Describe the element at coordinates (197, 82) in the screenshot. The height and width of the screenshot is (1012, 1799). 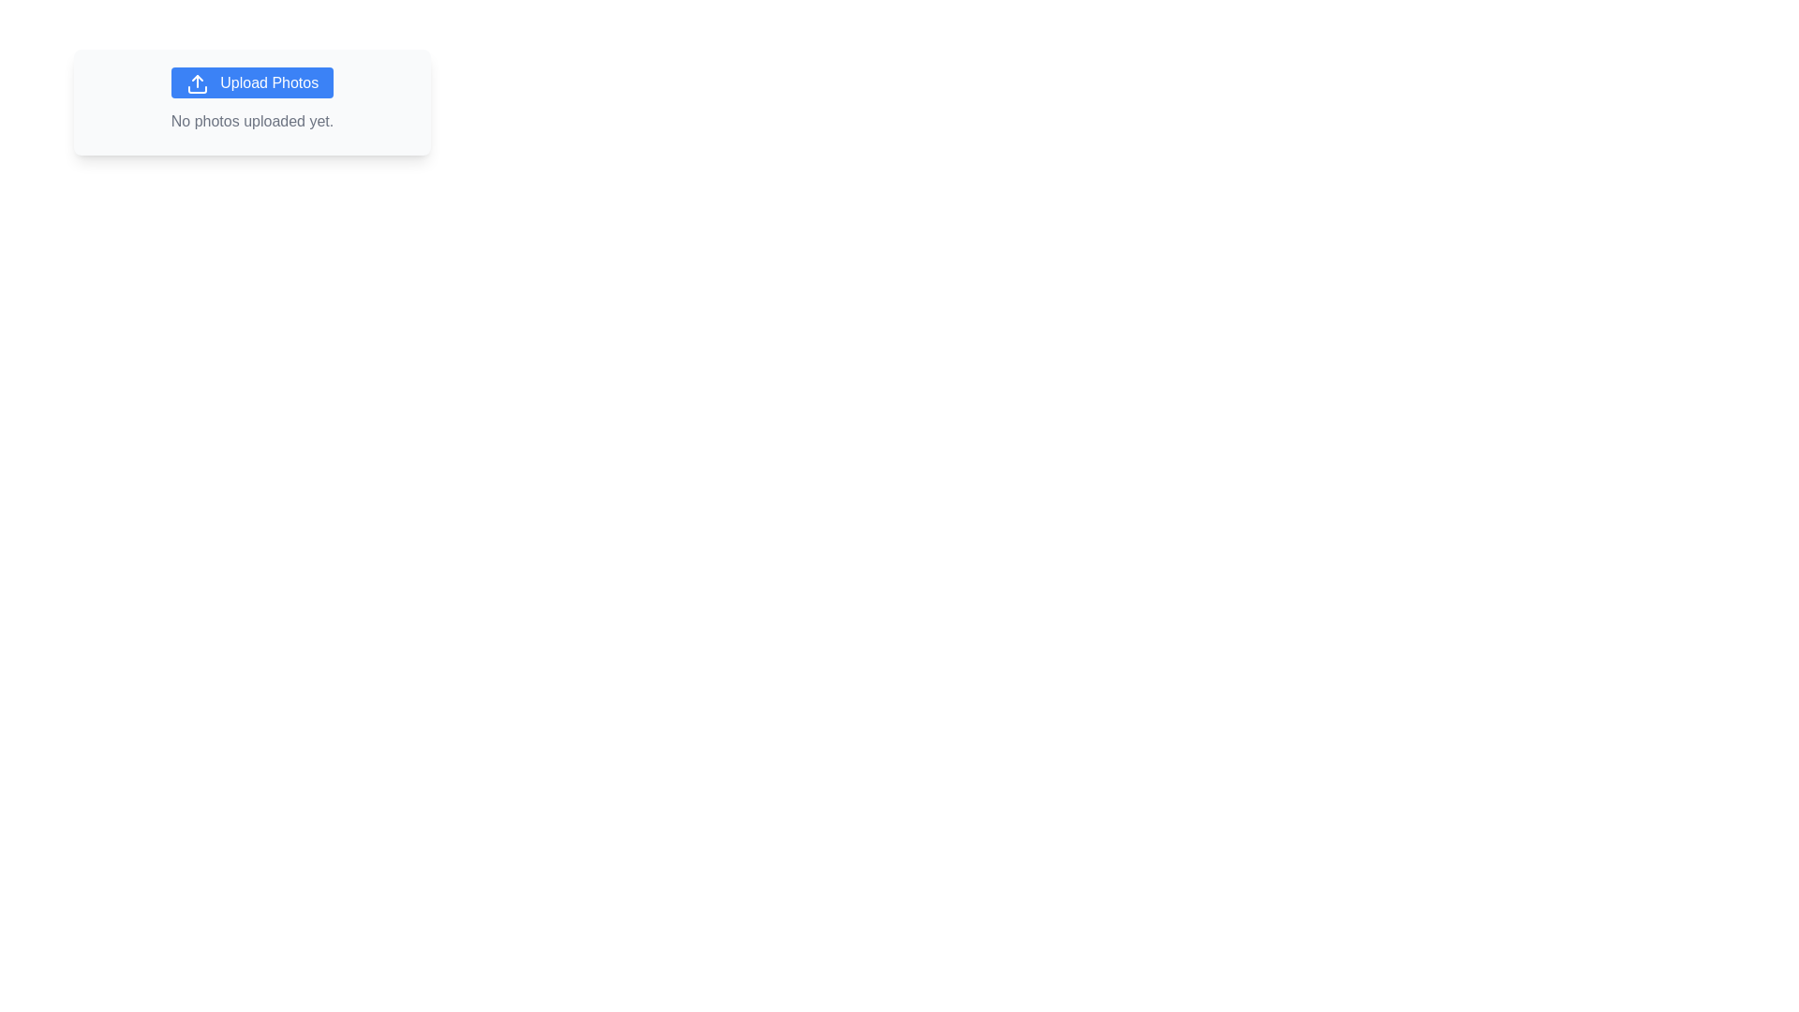
I see `the upload icon, which is a compact icon resembling an upward-pointing arrow above a flat base, located at the top-left of the 'Upload Photos' button, to interact with the upload functionality` at that location.